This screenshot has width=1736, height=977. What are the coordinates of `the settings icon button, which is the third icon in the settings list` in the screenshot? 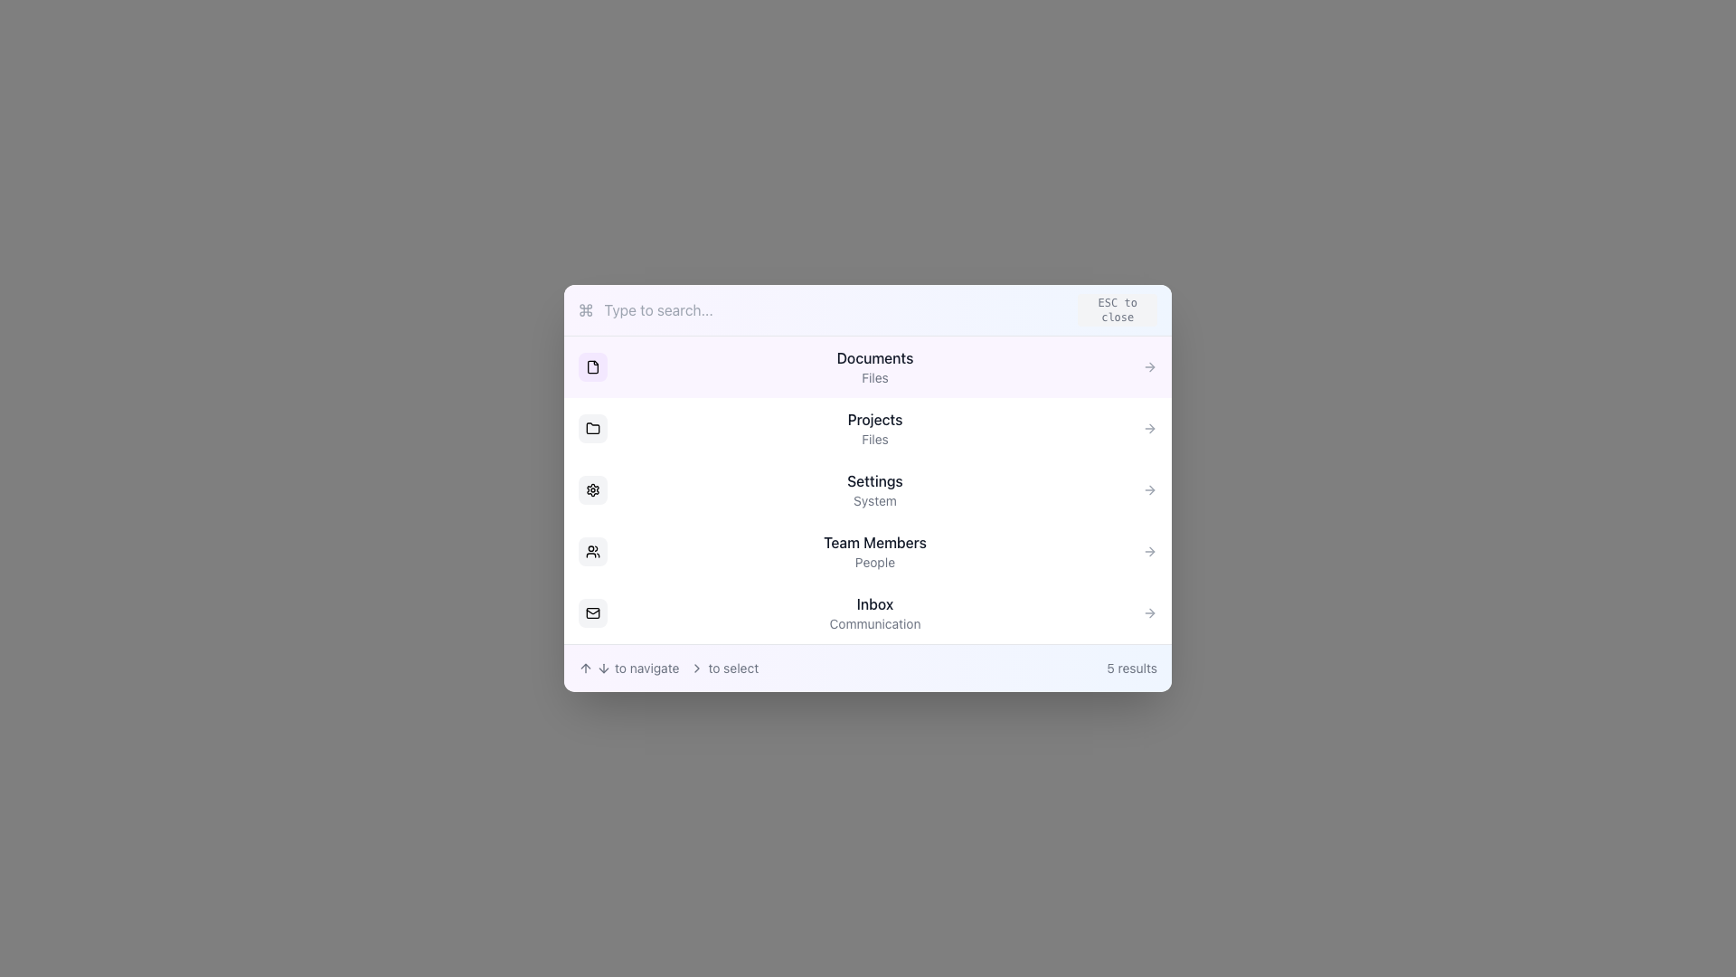 It's located at (593, 490).